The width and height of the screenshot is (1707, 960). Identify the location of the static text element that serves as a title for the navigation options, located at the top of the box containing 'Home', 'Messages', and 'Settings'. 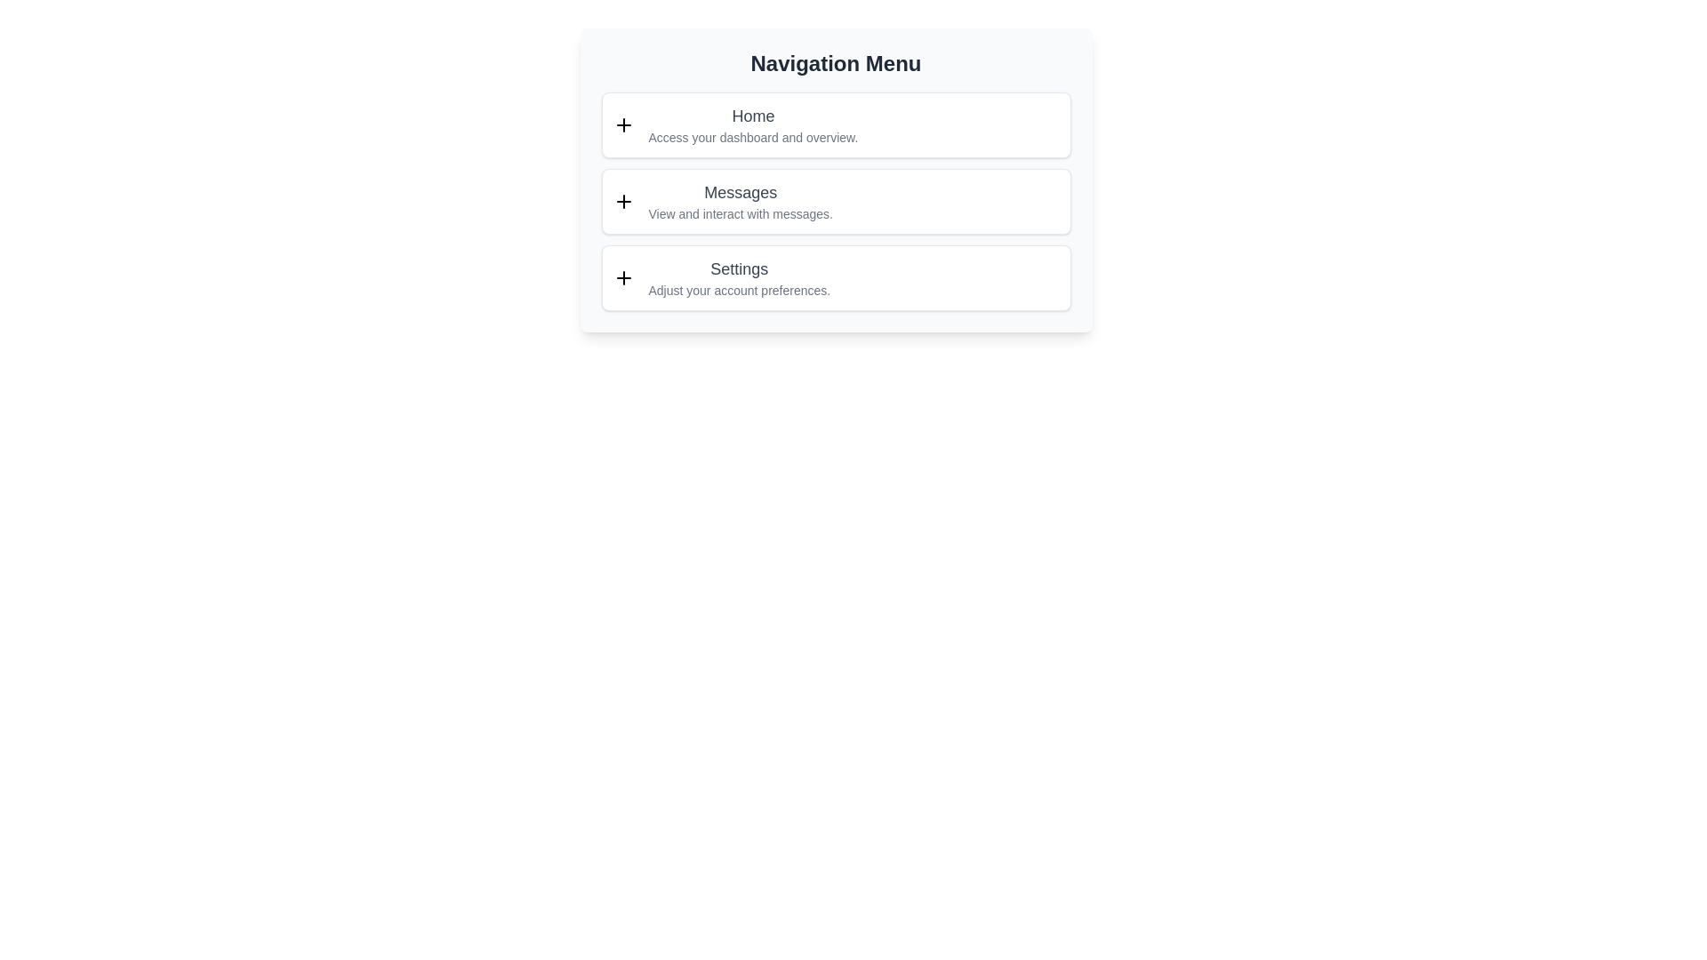
(835, 63).